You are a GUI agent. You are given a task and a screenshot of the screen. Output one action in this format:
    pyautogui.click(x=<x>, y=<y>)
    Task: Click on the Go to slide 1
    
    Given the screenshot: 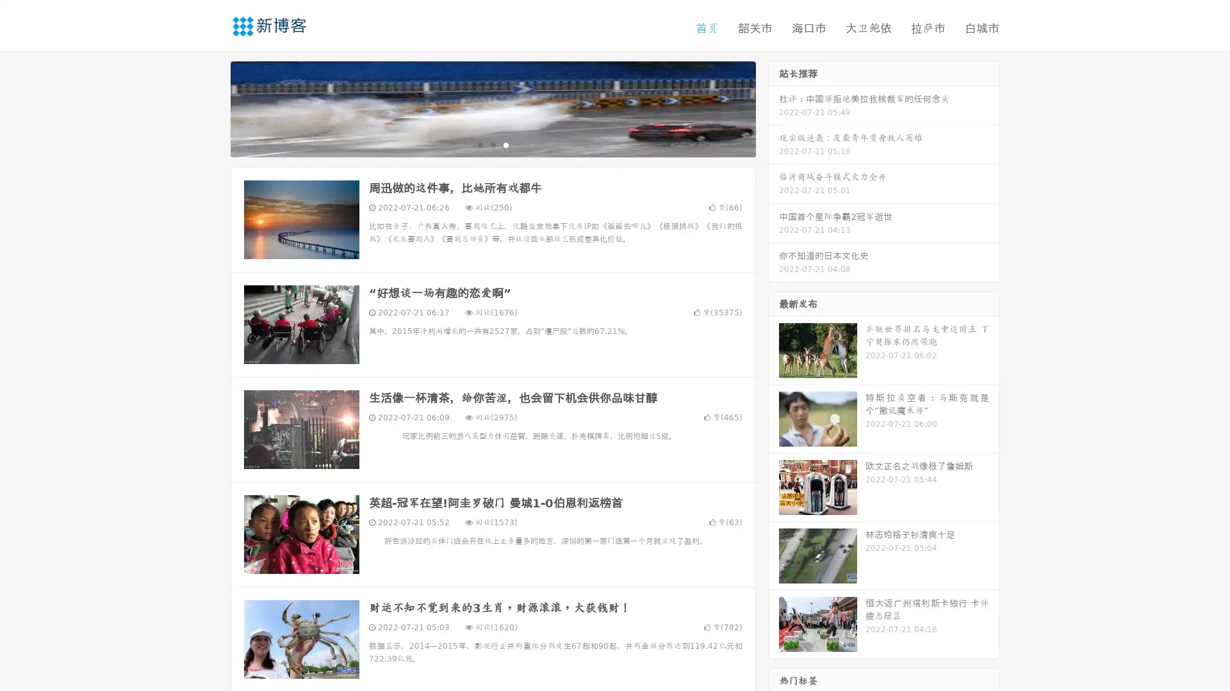 What is the action you would take?
    pyautogui.click(x=479, y=144)
    